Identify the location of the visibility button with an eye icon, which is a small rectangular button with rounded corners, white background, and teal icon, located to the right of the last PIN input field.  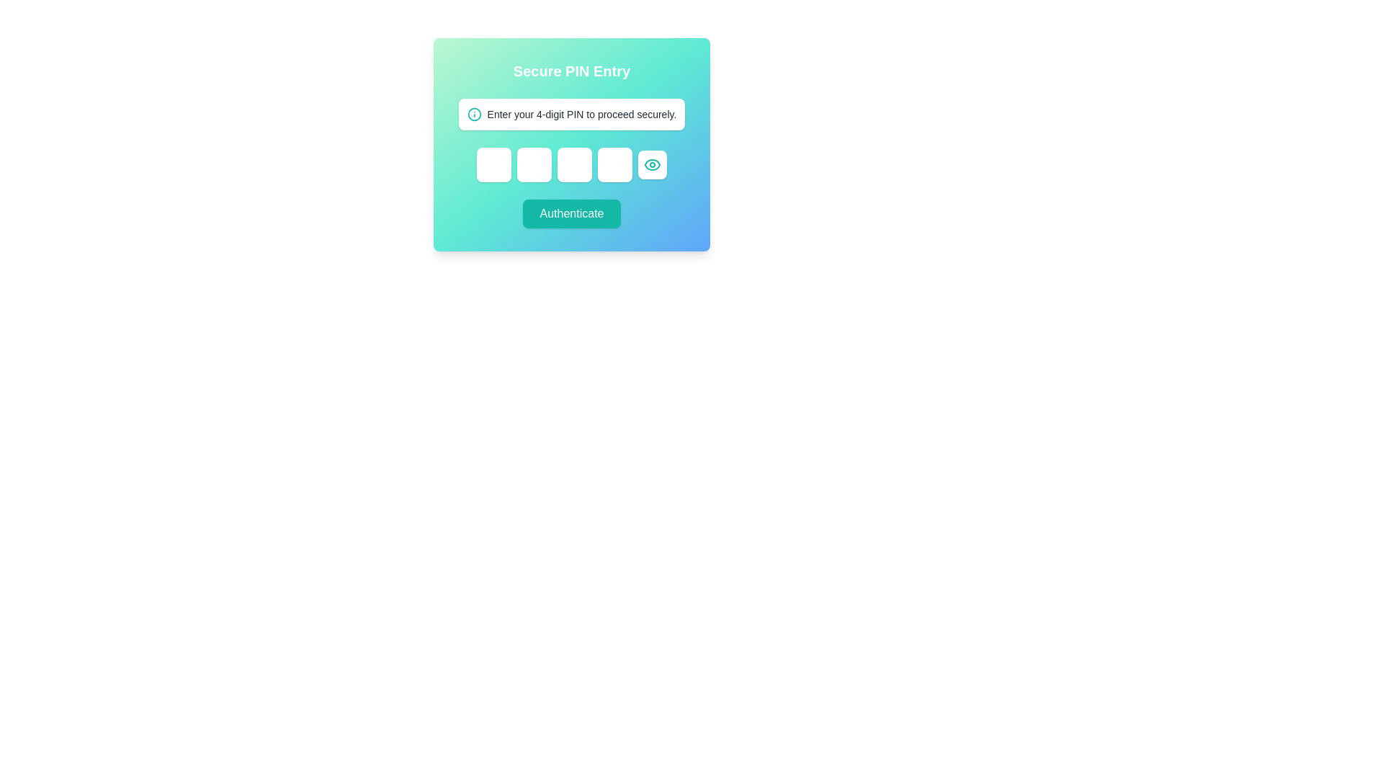
(652, 164).